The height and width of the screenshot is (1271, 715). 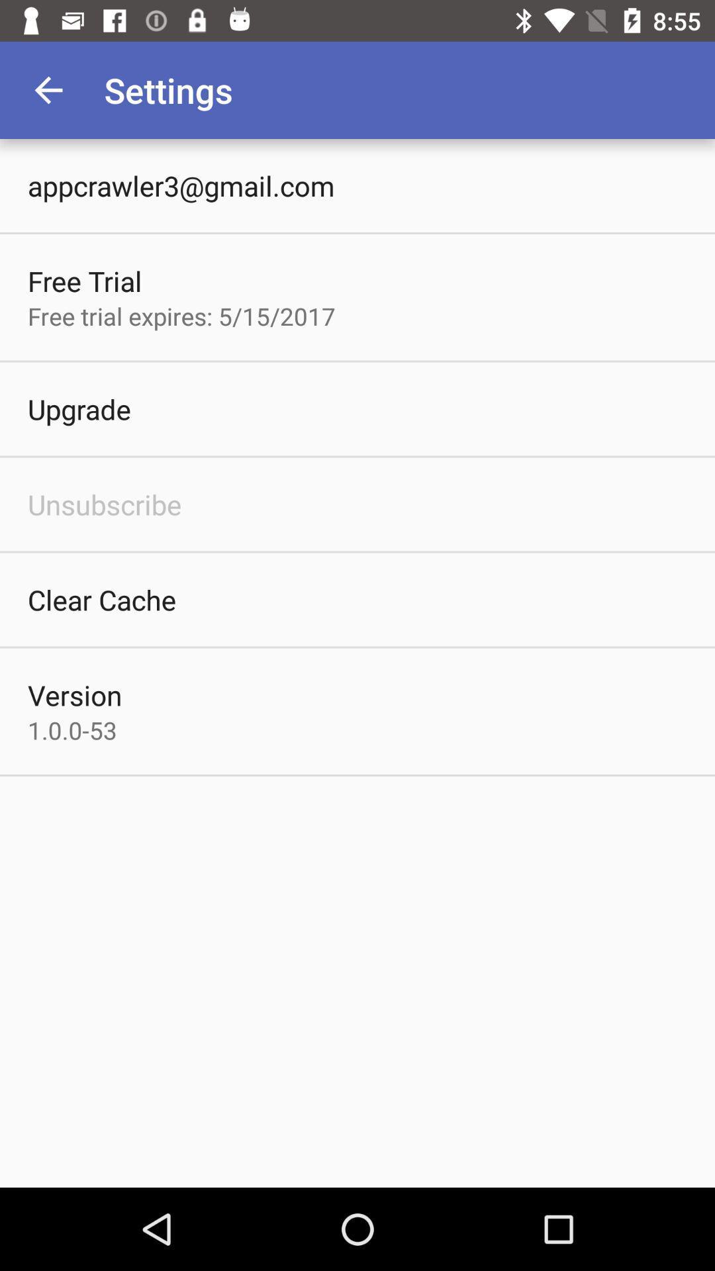 What do you see at coordinates (48, 89) in the screenshot?
I see `app next to settings item` at bounding box center [48, 89].